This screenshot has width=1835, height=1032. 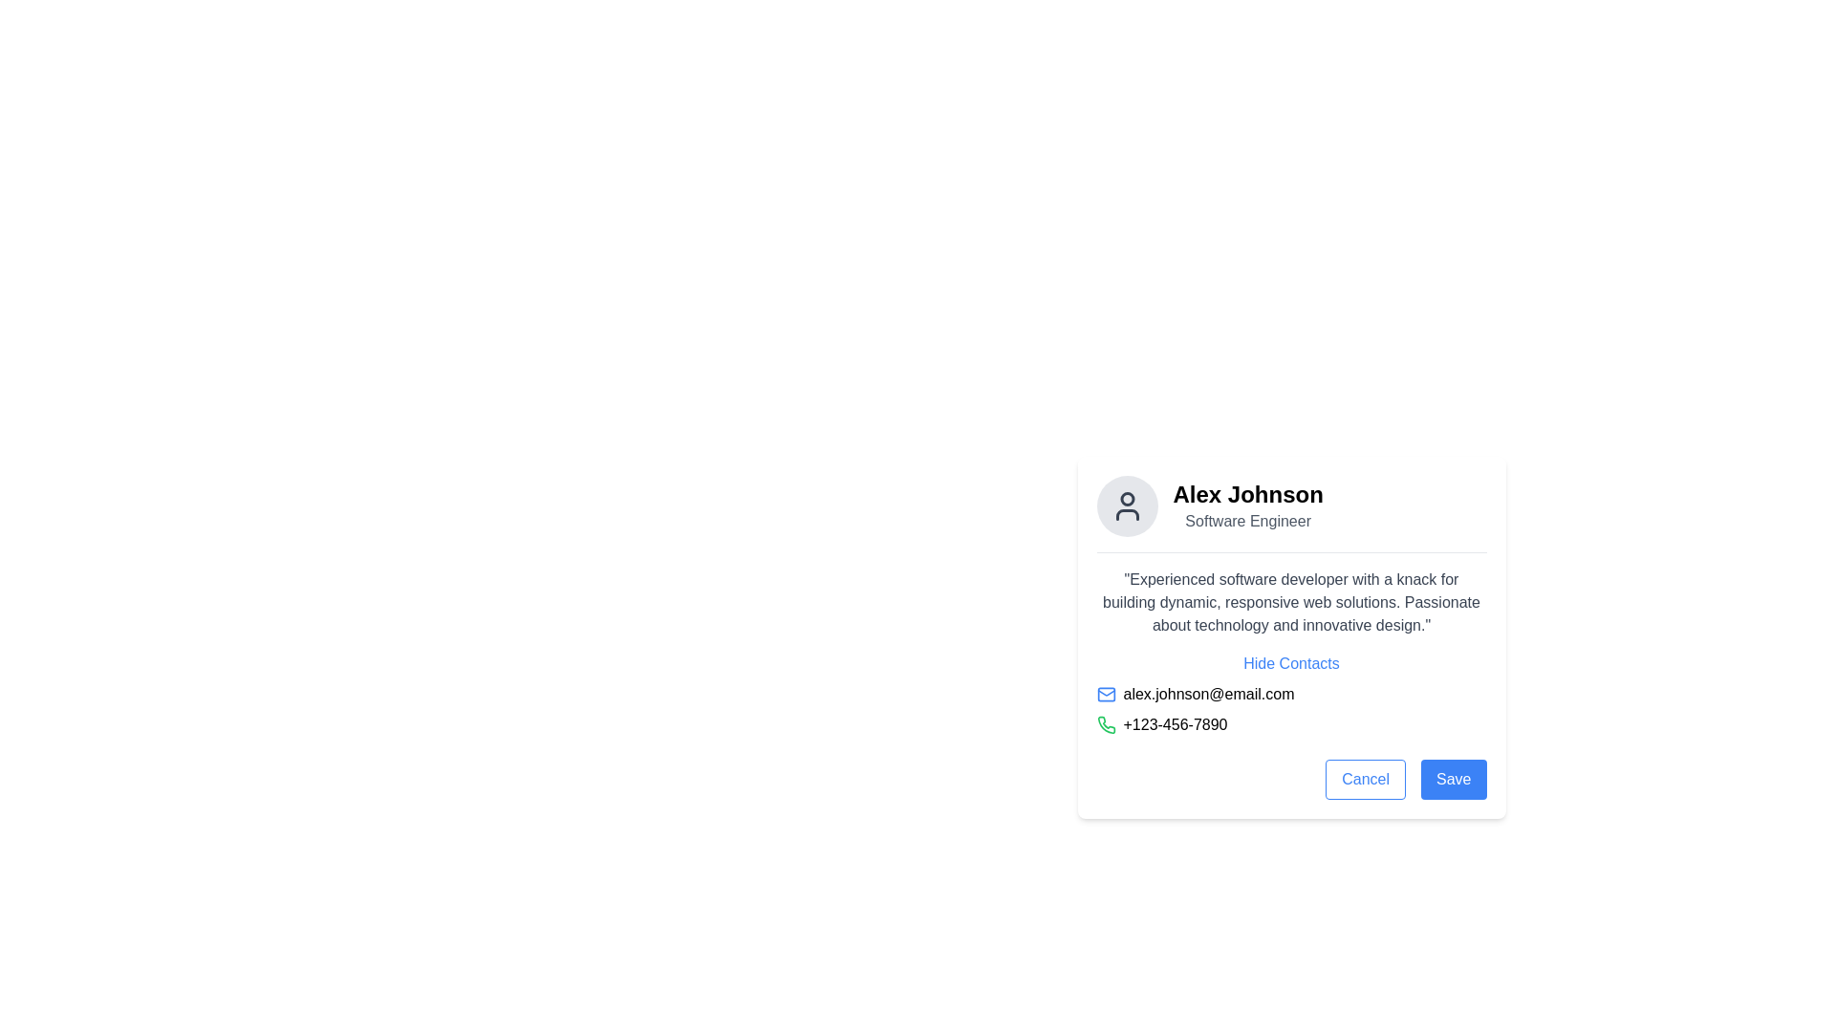 What do you see at coordinates (1106, 724) in the screenshot?
I see `the green phone receiver icon located to the left of the text '+123-456-7890' in the contact card interface` at bounding box center [1106, 724].